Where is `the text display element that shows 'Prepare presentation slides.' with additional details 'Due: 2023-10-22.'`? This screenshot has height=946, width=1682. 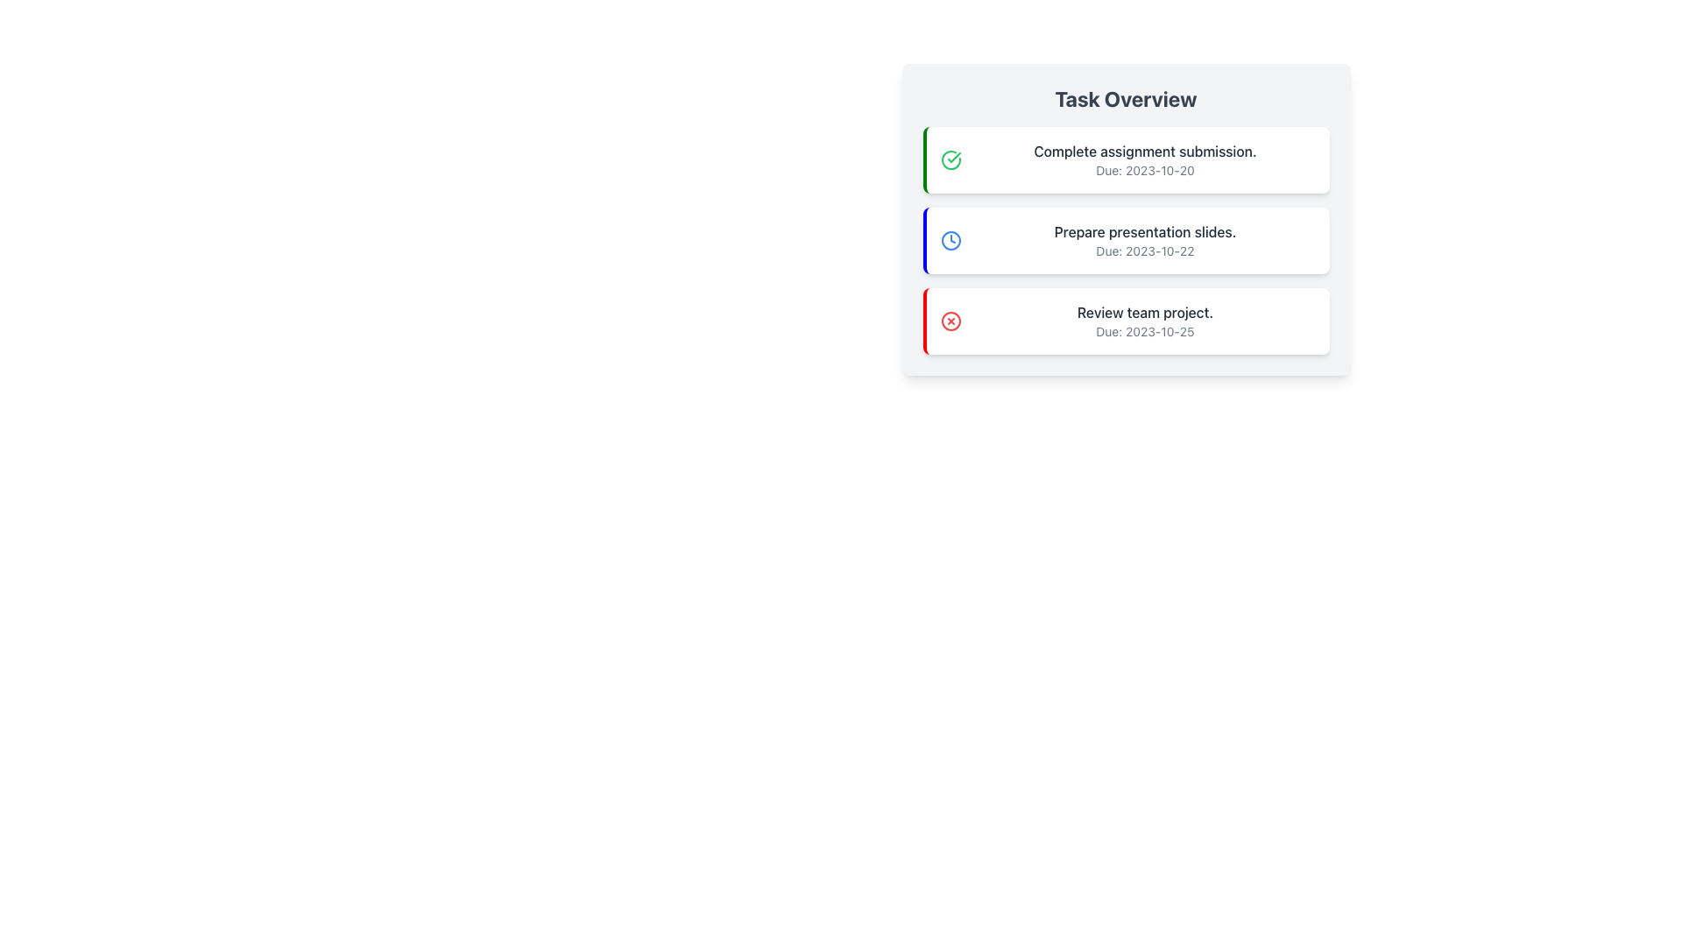 the text display element that shows 'Prepare presentation slides.' with additional details 'Due: 2023-10-22.' is located at coordinates (1145, 240).